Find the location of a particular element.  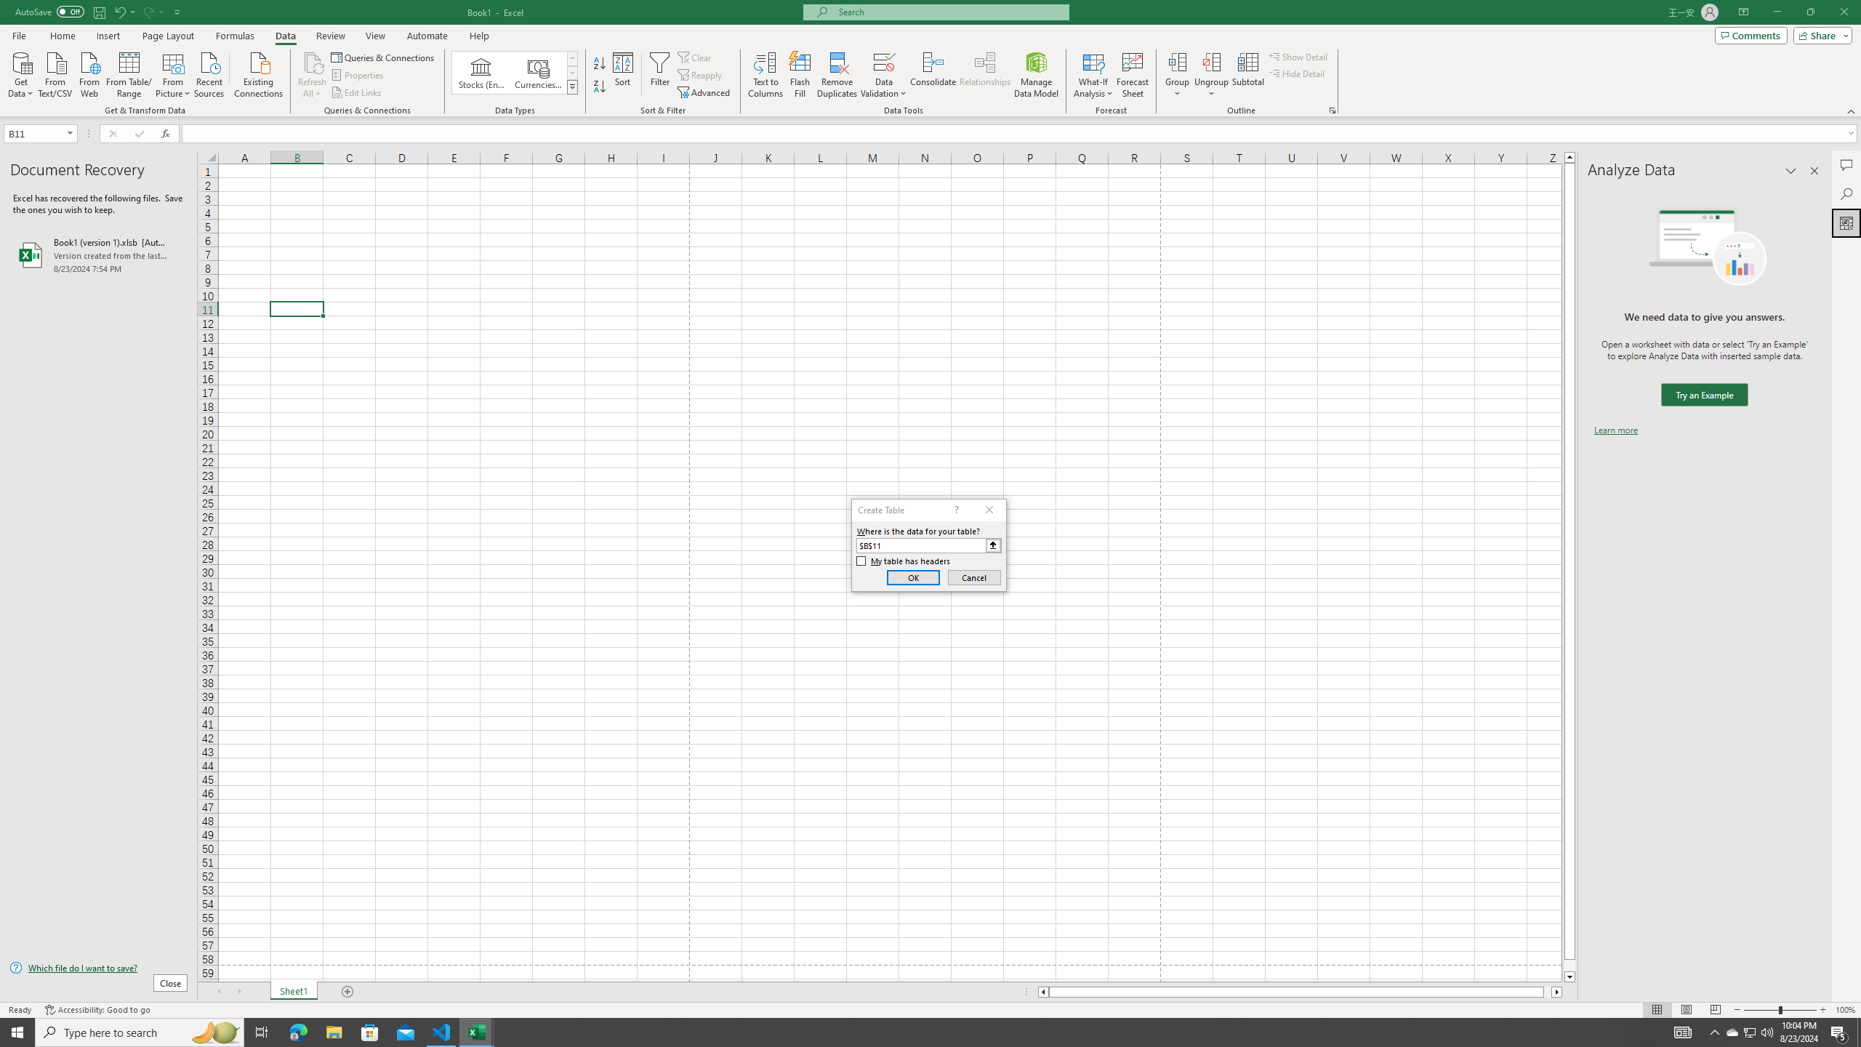

'Consolidate...' is located at coordinates (933, 75).